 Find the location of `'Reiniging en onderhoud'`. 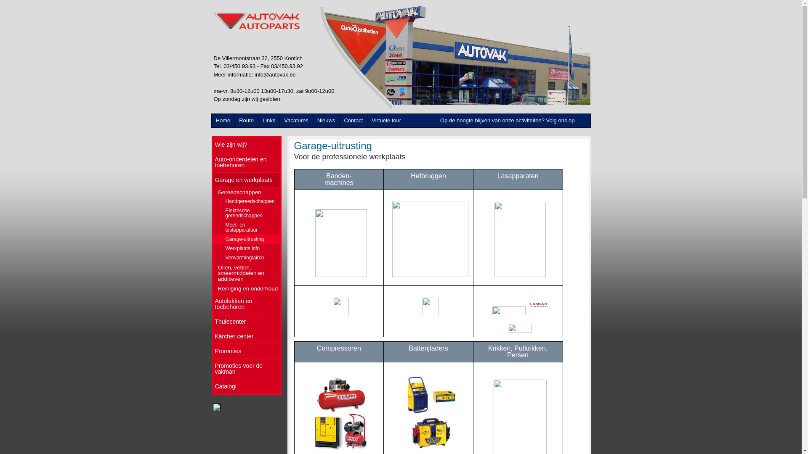

'Reiniging en onderhoud' is located at coordinates (246, 288).